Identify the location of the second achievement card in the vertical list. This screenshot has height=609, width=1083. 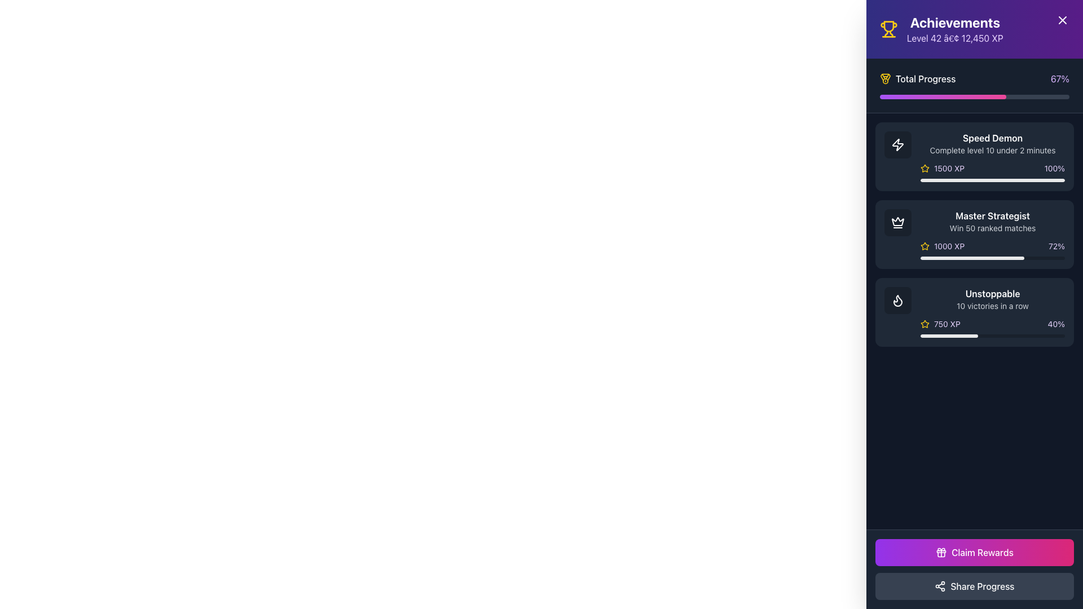
(974, 234).